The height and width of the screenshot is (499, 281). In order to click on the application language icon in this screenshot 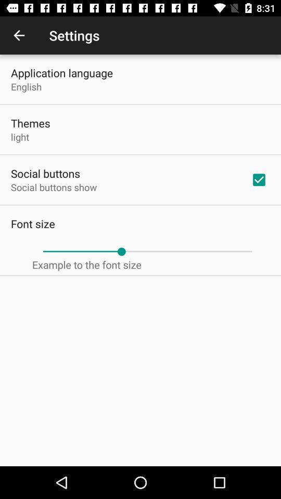, I will do `click(62, 72)`.